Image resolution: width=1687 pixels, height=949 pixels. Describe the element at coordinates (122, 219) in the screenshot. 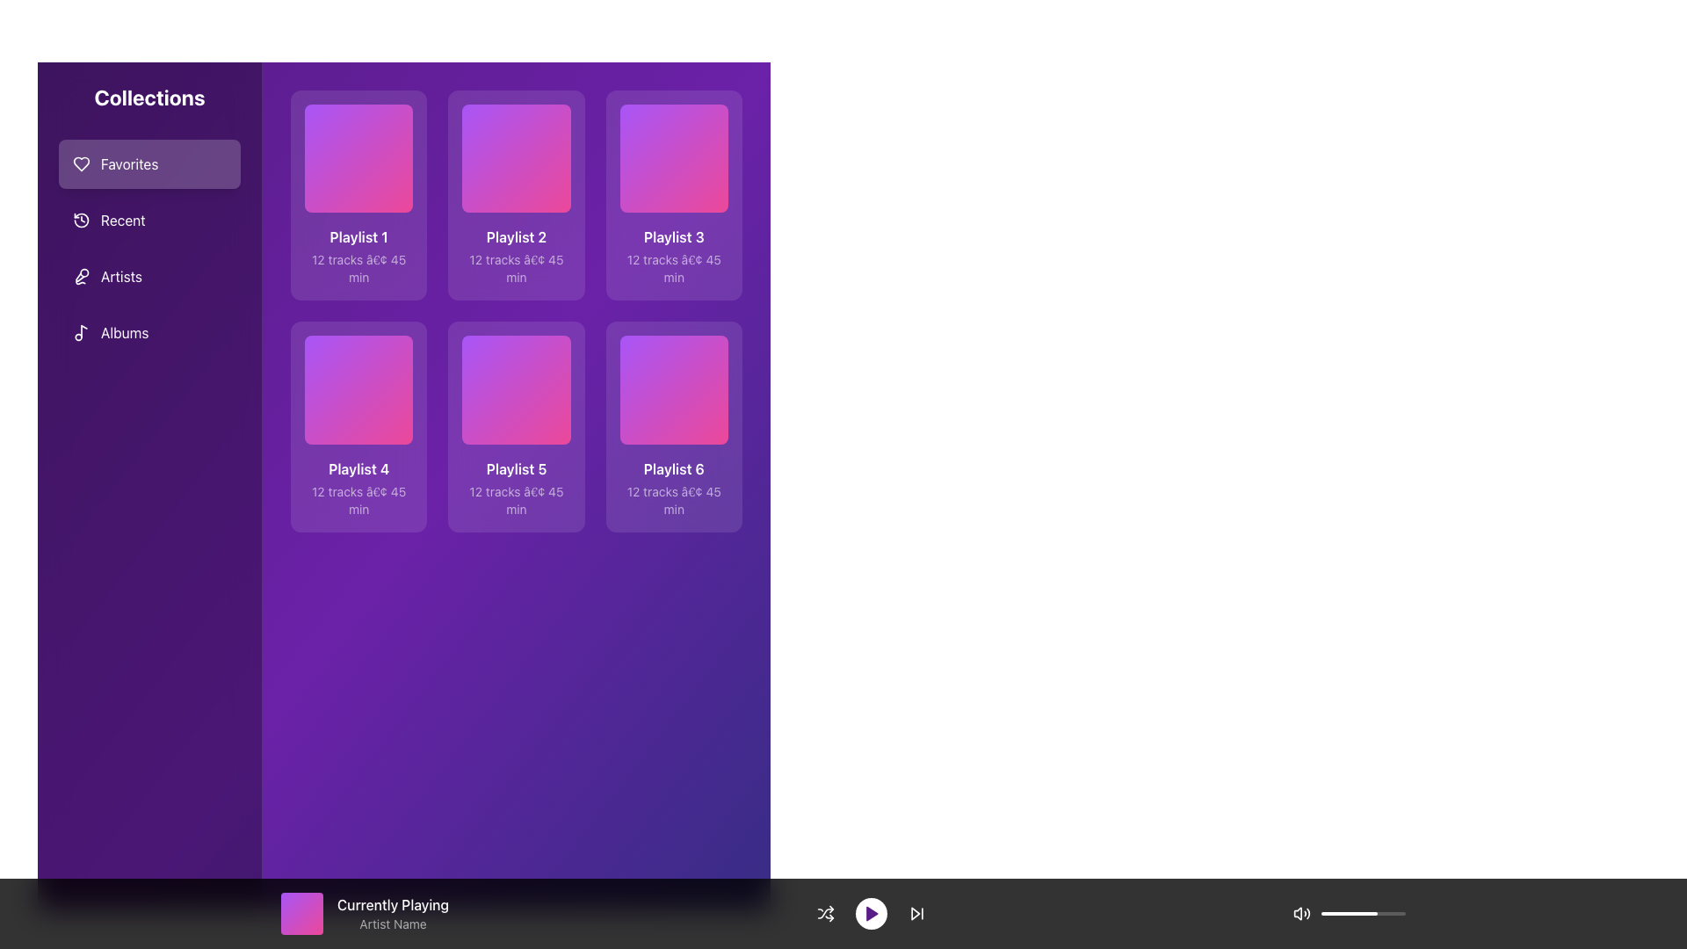

I see `the 'Recent' text label in the sidebar` at that location.